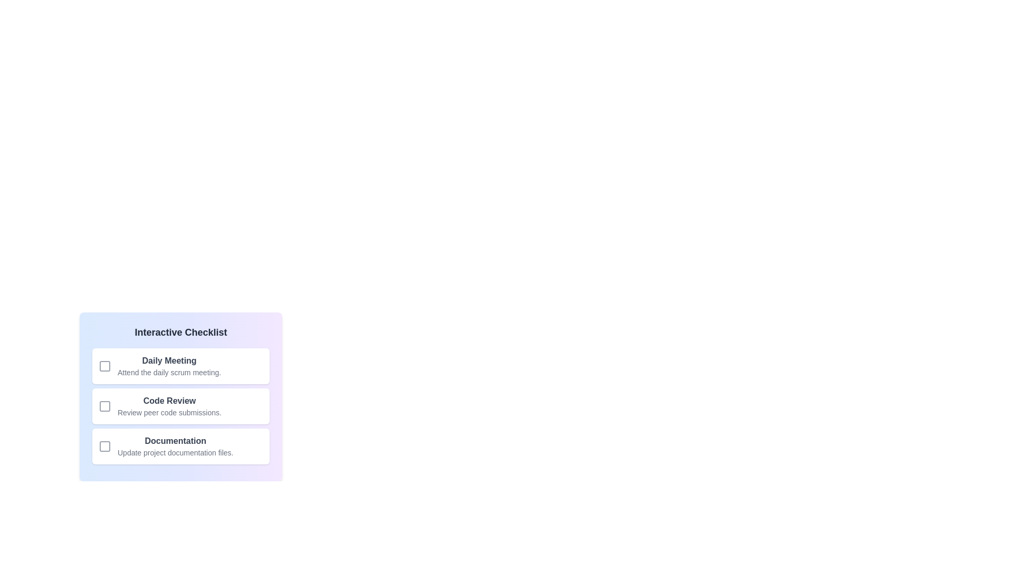 The height and width of the screenshot is (570, 1013). I want to click on text label that reads 'Update project documentation files.' located beneath the bold title 'Documentation' within the third card of checklist items, so click(175, 452).